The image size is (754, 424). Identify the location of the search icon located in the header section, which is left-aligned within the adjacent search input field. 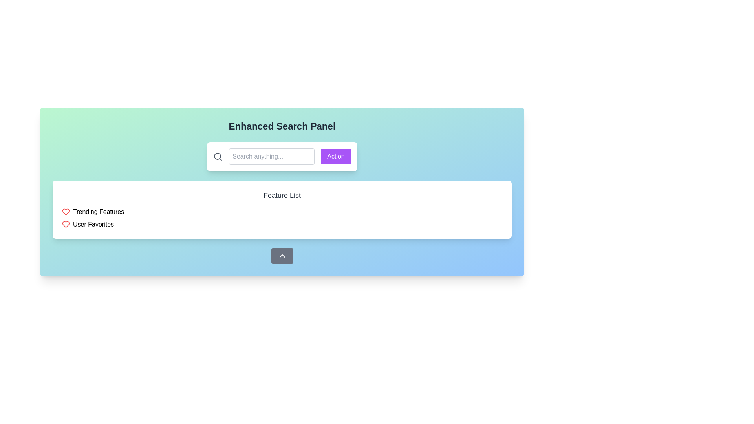
(218, 156).